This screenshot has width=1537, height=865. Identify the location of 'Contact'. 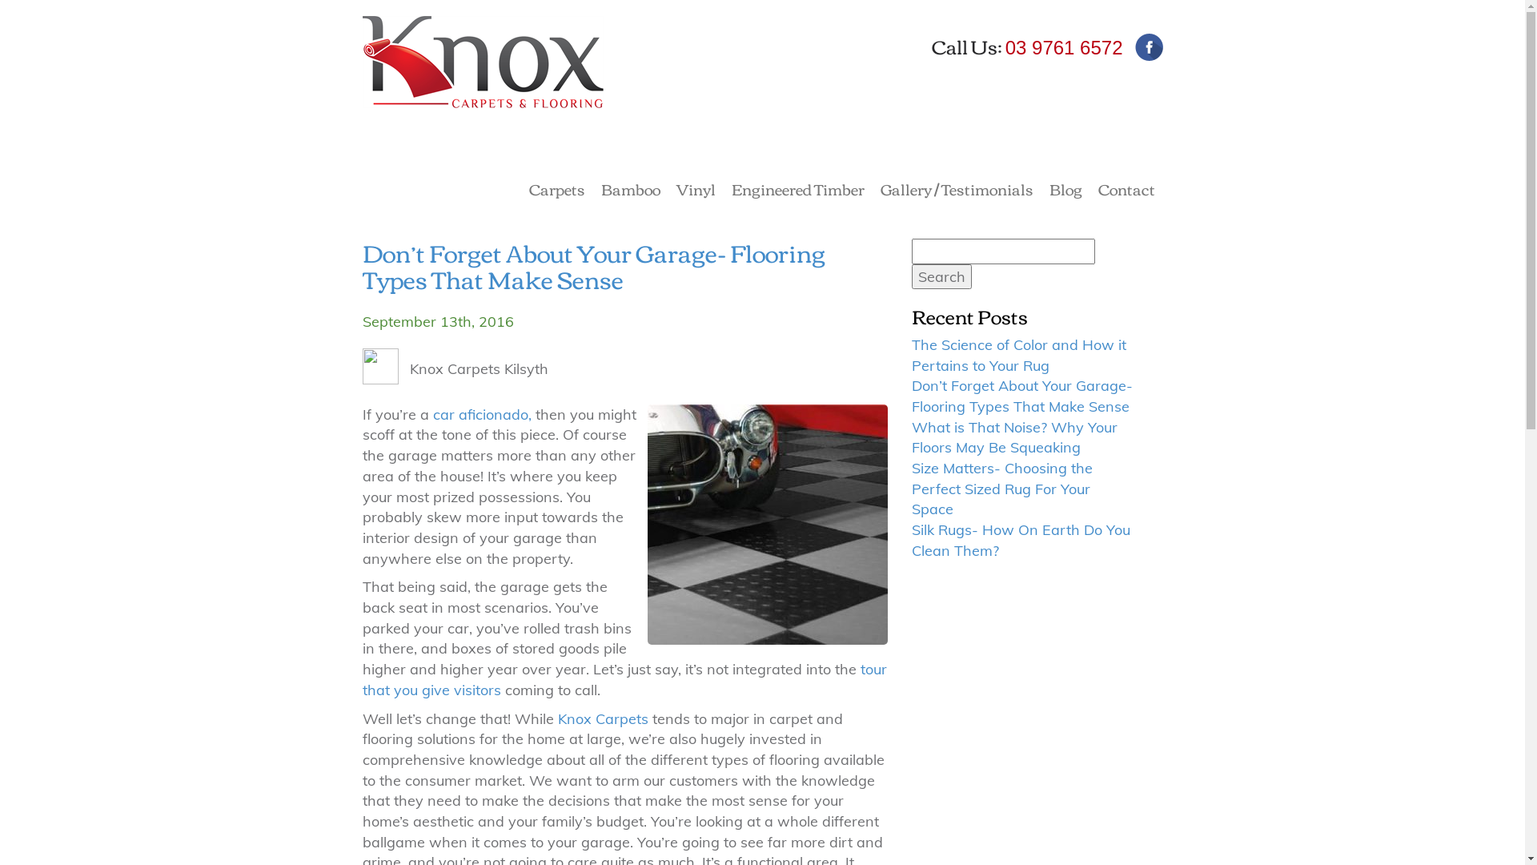
(1090, 191).